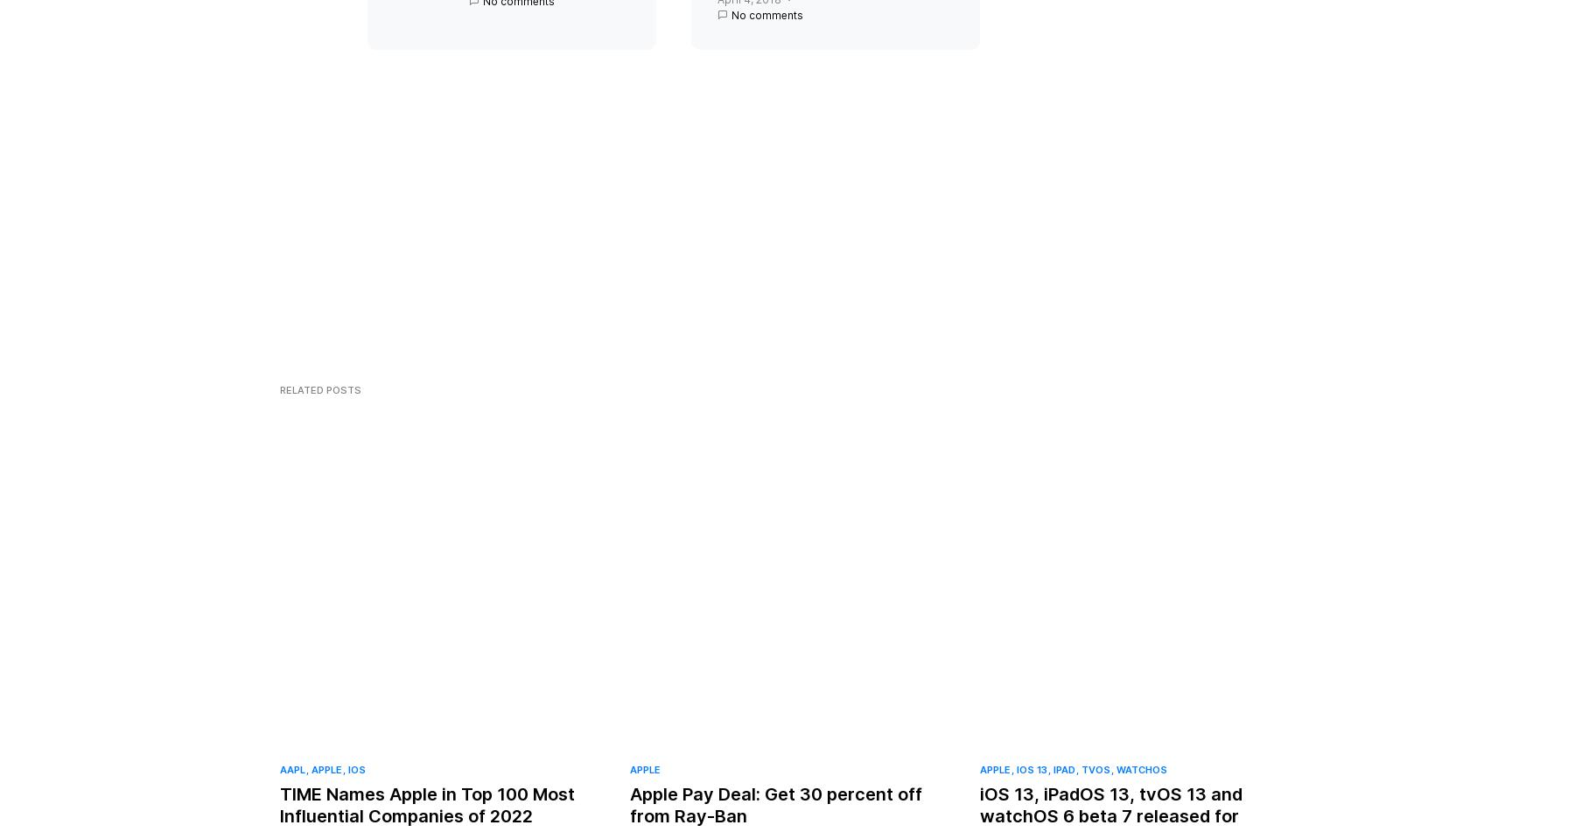 The height and width of the screenshot is (832, 1575). What do you see at coordinates (357, 785) in the screenshot?
I see `'iOS'` at bounding box center [357, 785].